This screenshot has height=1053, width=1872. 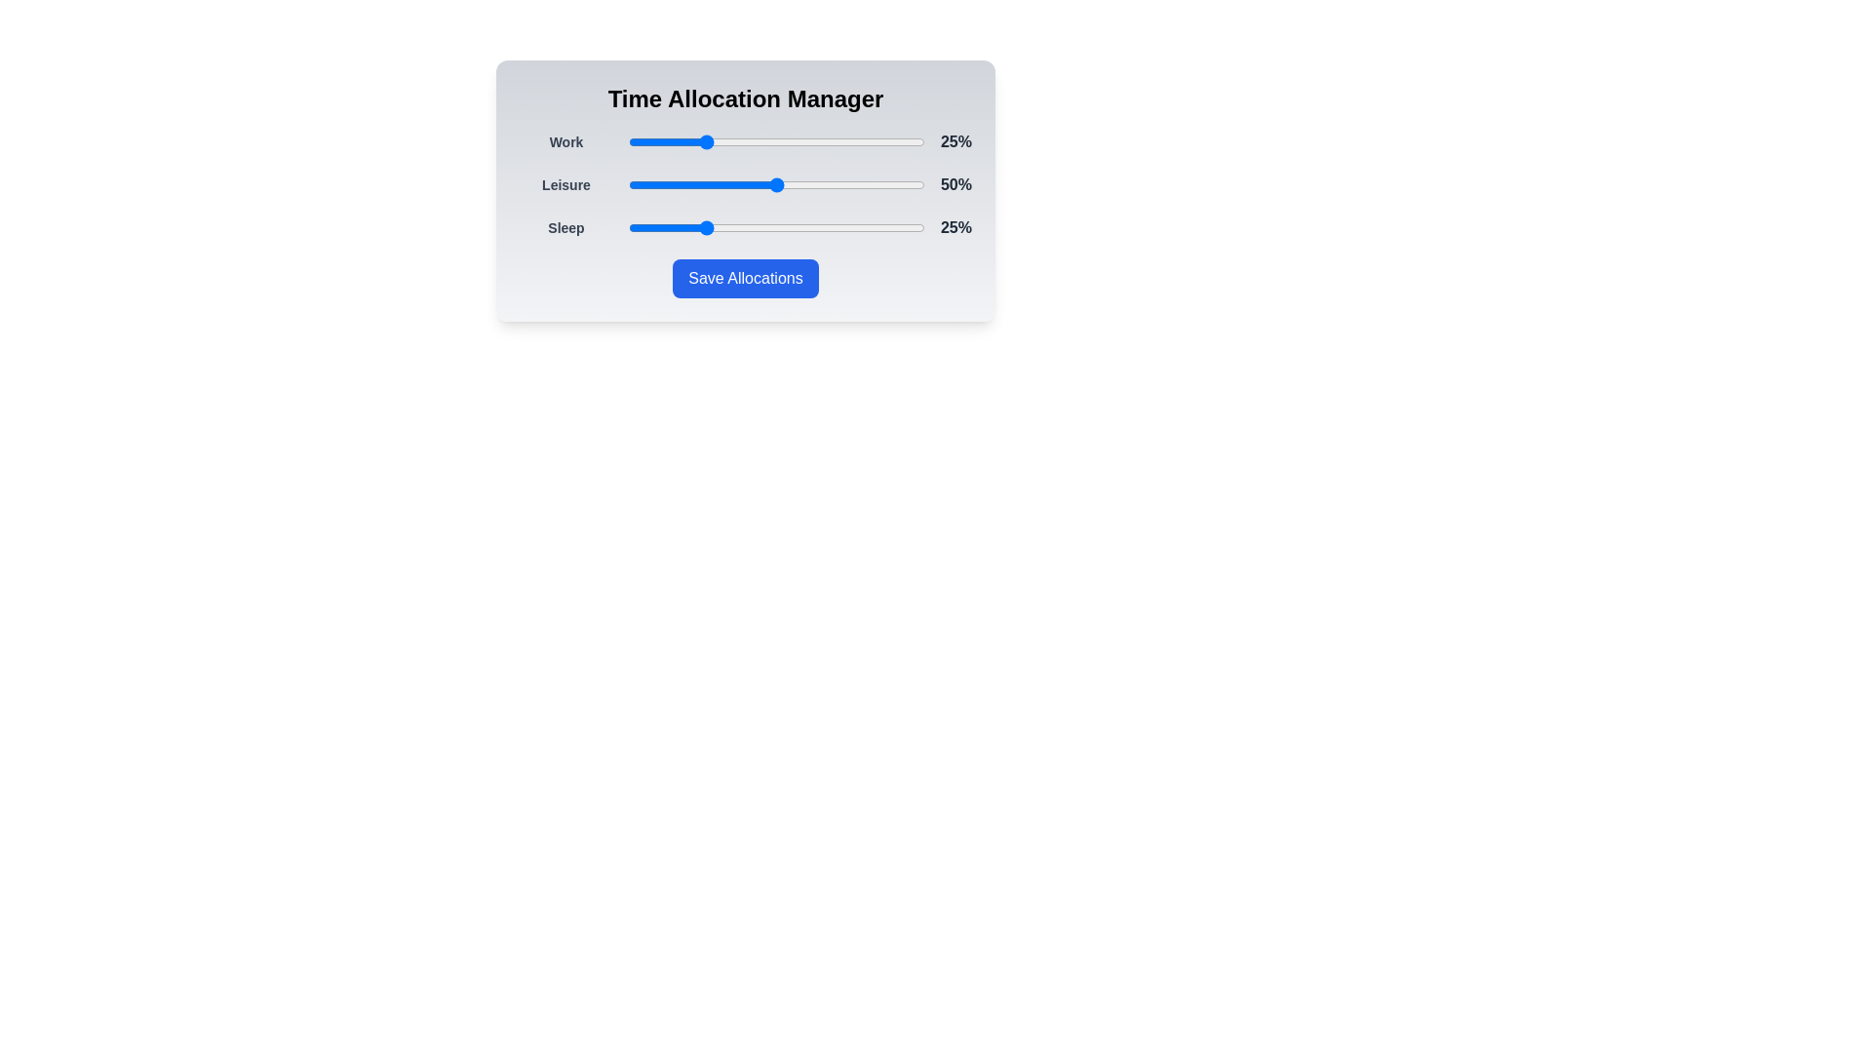 What do you see at coordinates (775, 184) in the screenshot?
I see `the slider corresponding to Leisure` at bounding box center [775, 184].